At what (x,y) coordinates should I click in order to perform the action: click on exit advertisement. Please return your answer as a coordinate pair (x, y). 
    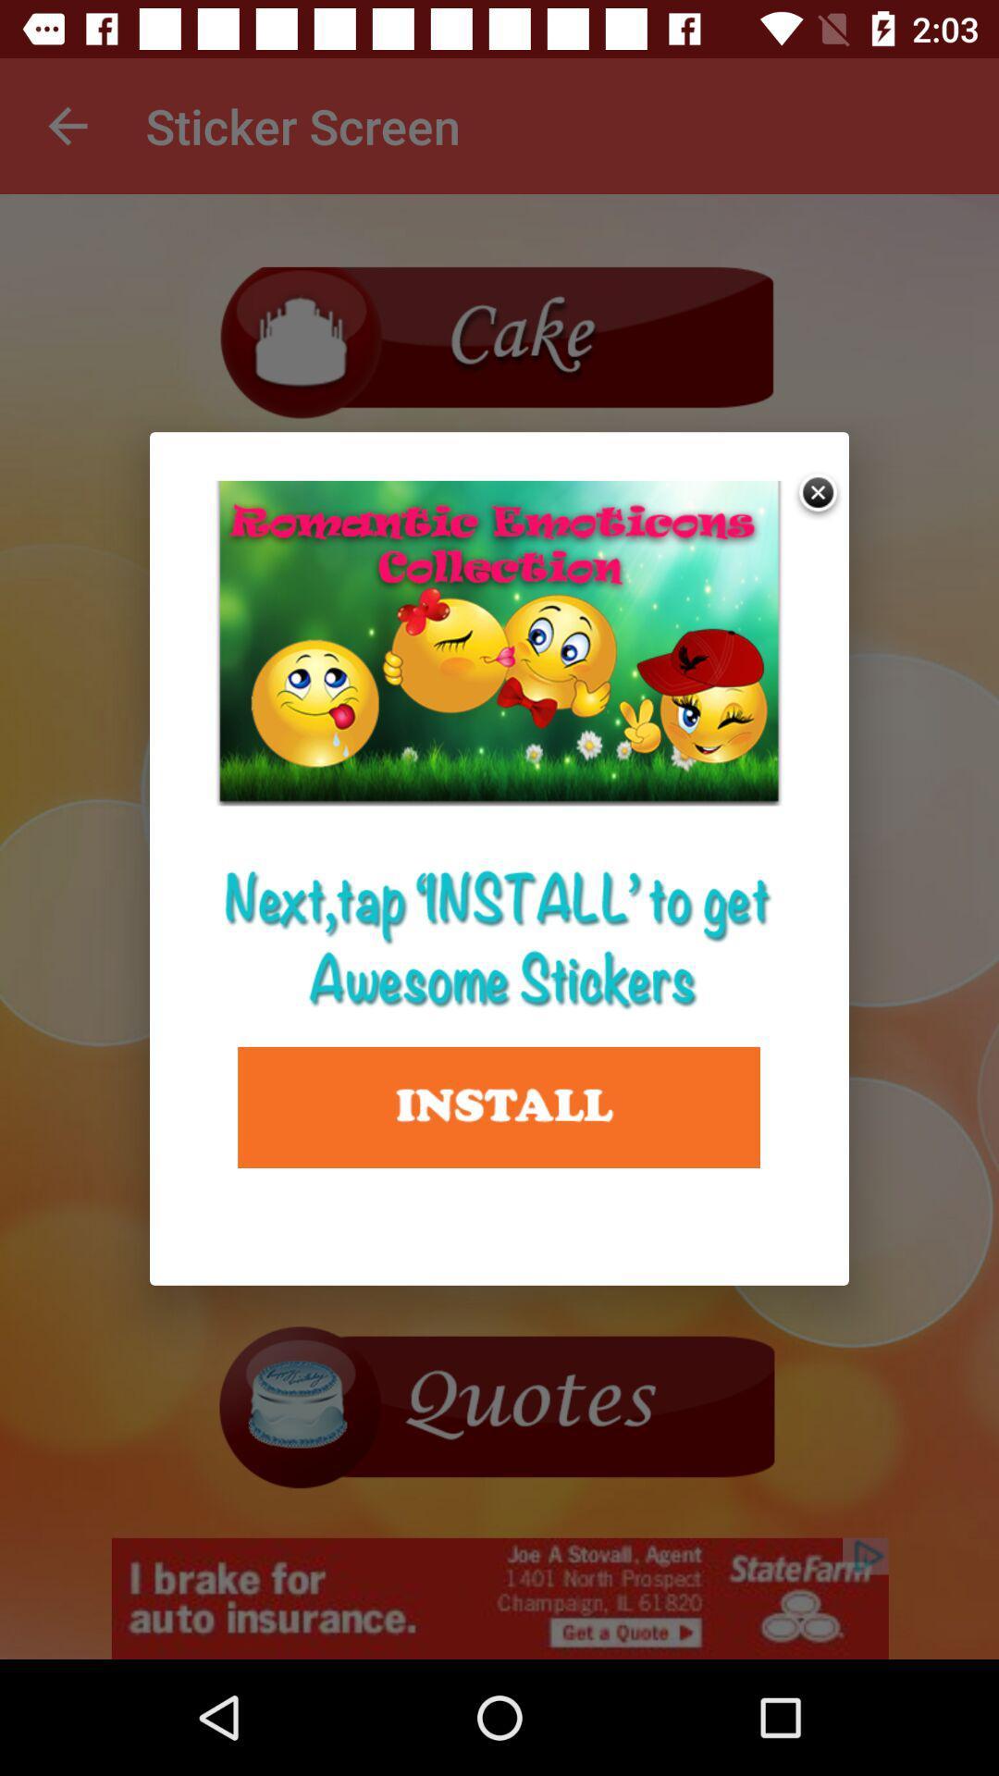
    Looking at the image, I should click on (819, 495).